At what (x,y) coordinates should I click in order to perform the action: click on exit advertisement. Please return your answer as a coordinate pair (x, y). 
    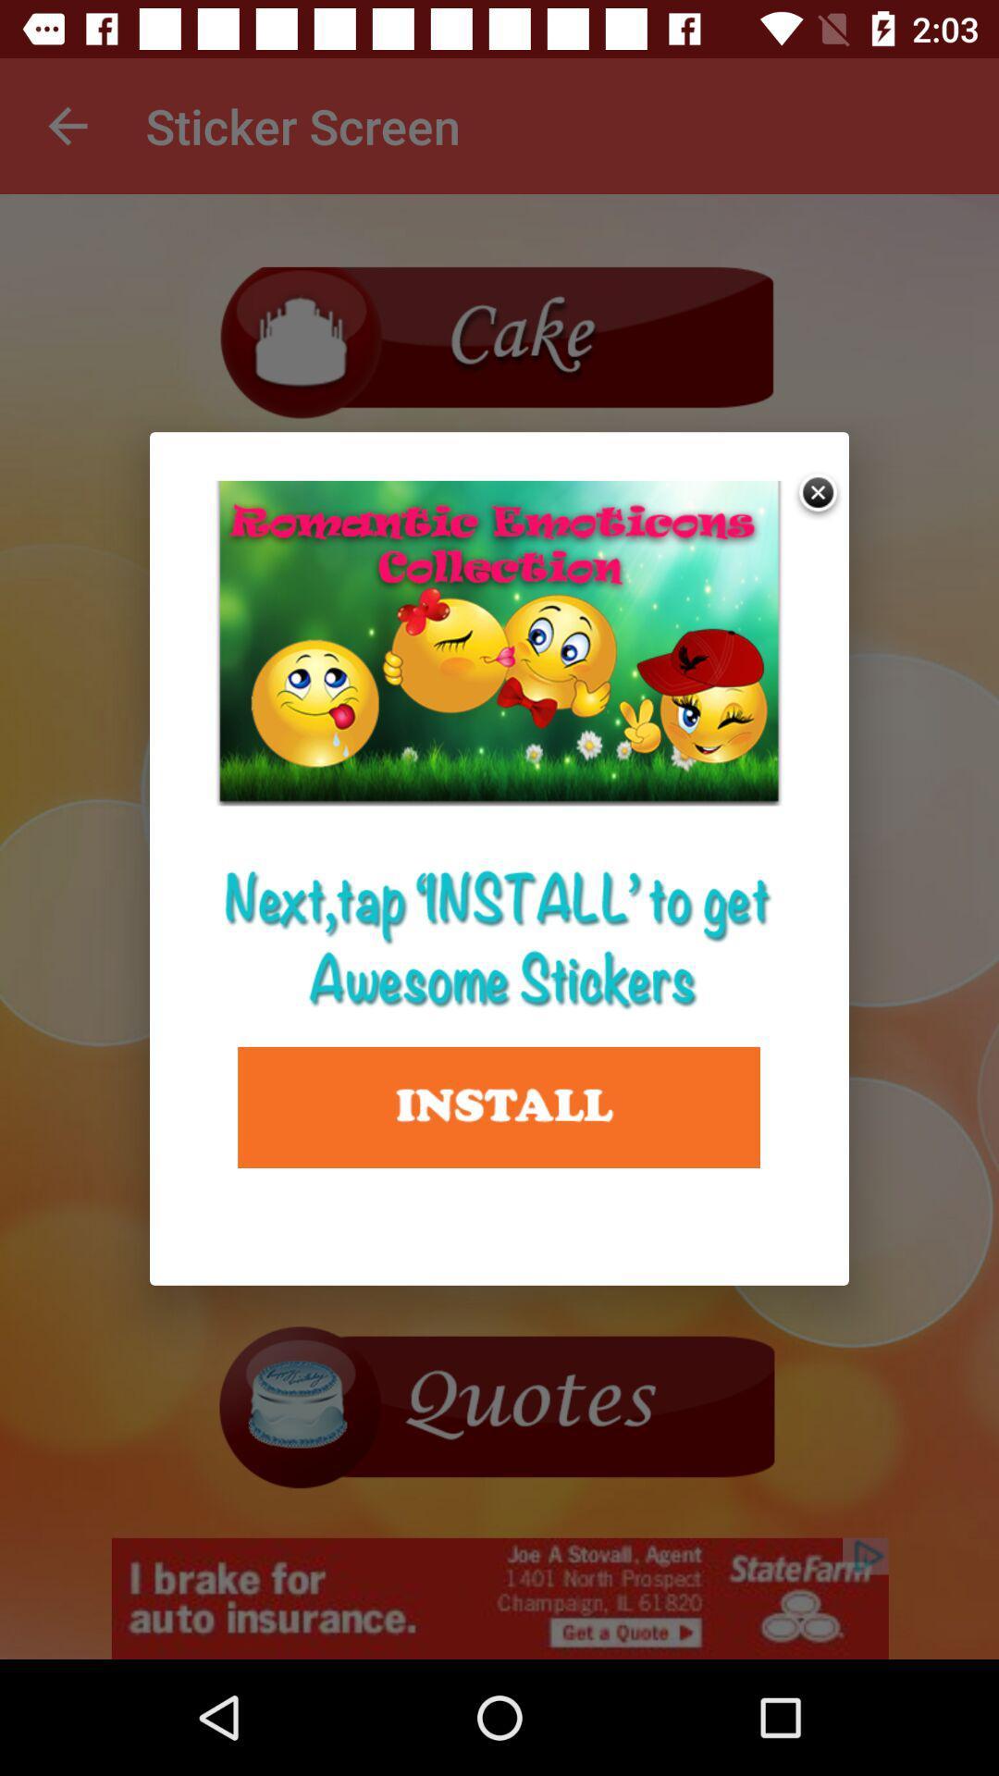
    Looking at the image, I should click on (819, 495).